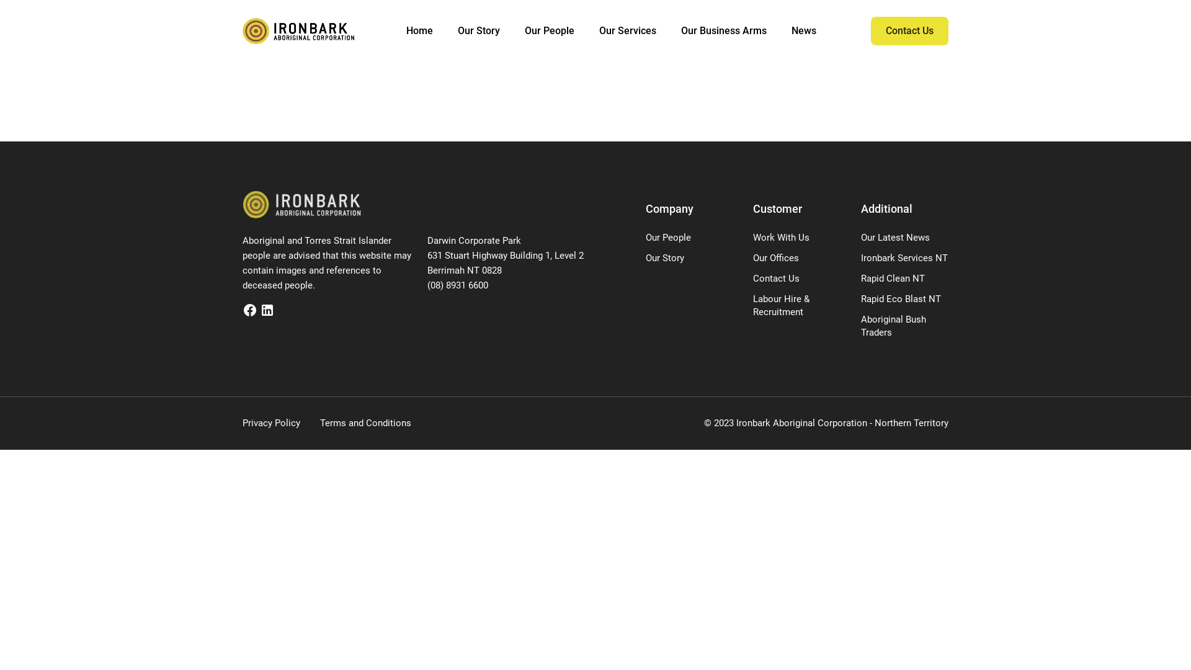  Describe the element at coordinates (780, 305) in the screenshot. I see `'Labour Hire & Recruitment'` at that location.